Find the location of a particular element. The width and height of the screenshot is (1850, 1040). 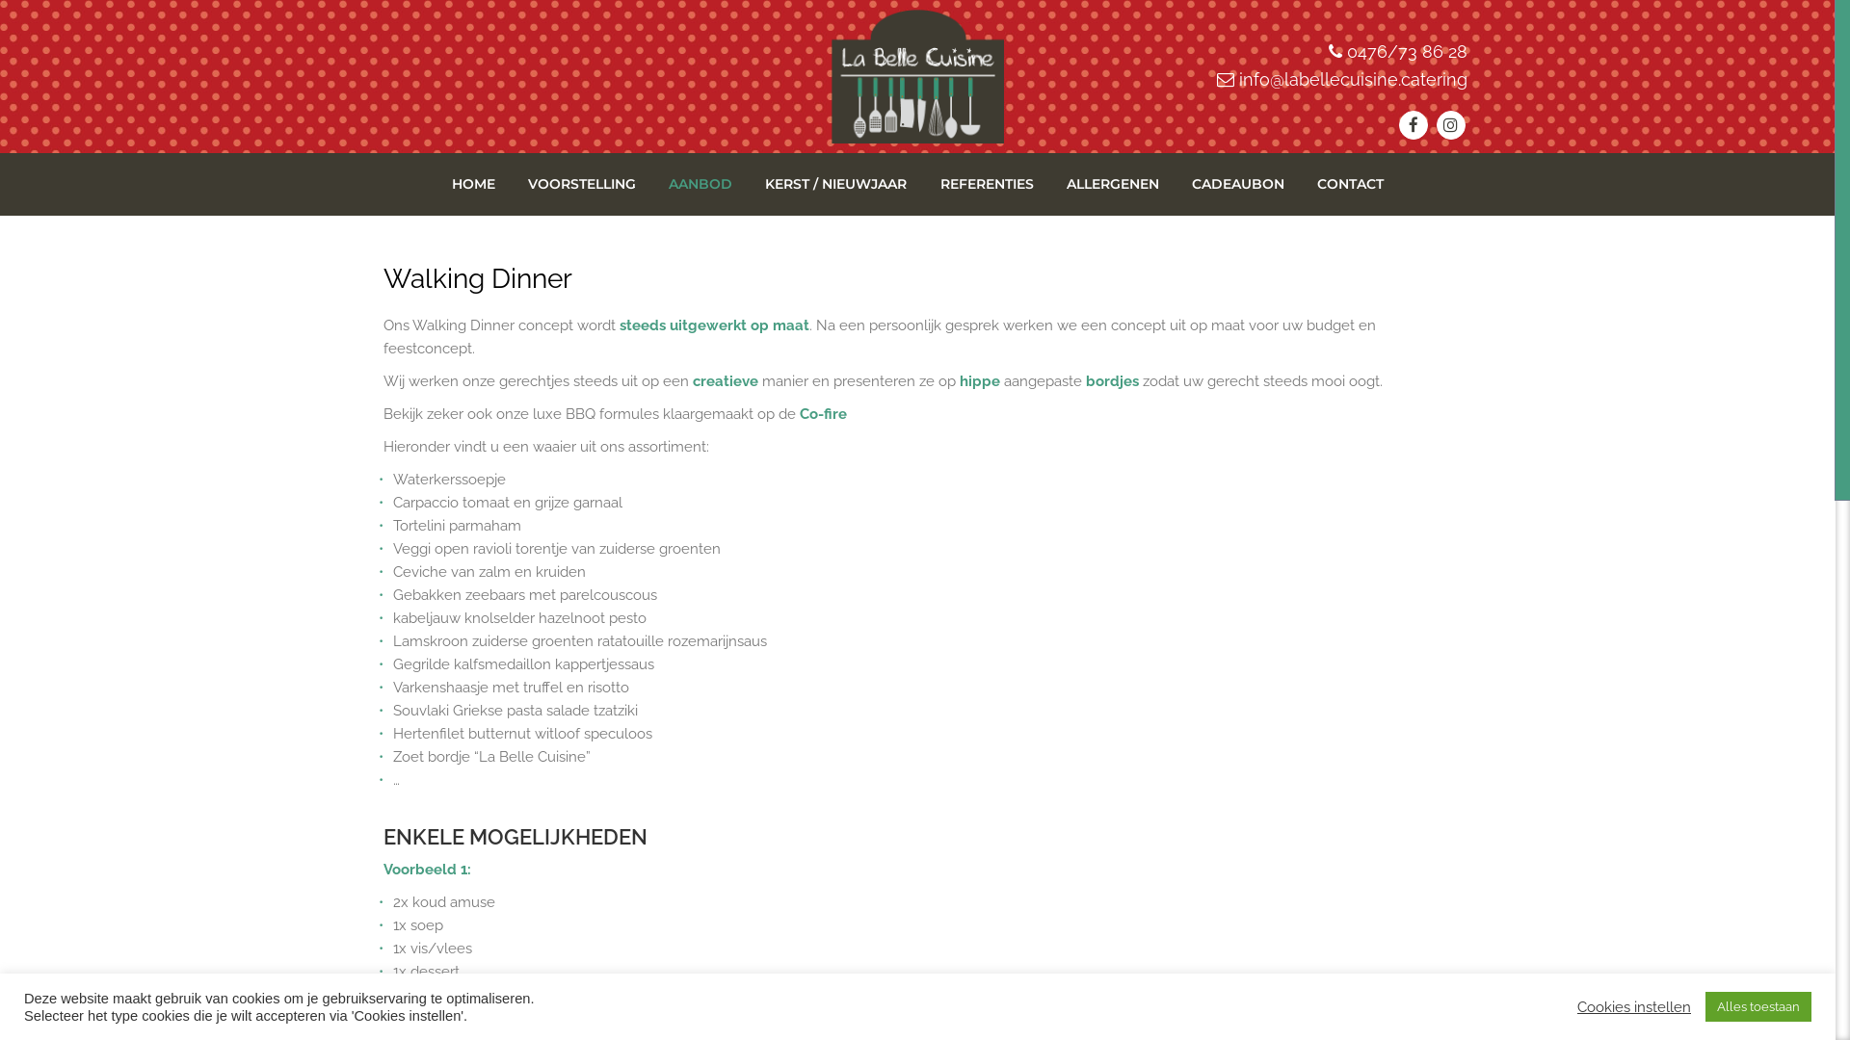

'KERST / NIEUWJAAR' is located at coordinates (835, 184).